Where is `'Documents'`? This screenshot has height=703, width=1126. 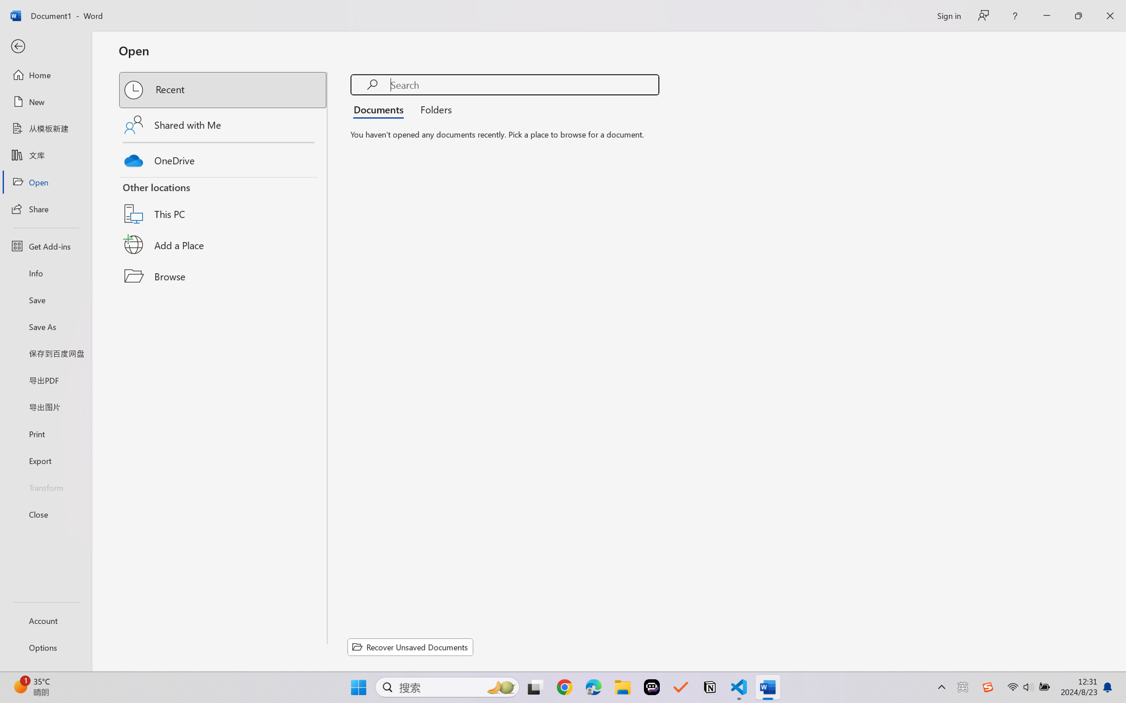 'Documents' is located at coordinates (381, 108).